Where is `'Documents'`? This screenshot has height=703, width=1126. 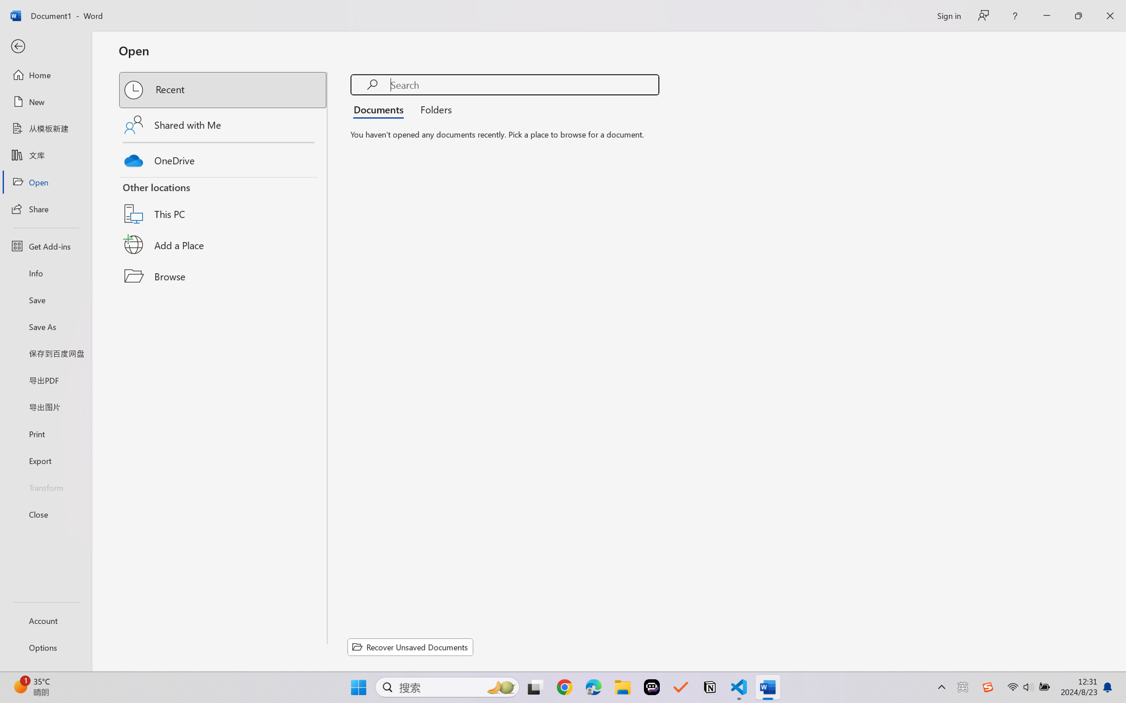 'Documents' is located at coordinates (381, 108).